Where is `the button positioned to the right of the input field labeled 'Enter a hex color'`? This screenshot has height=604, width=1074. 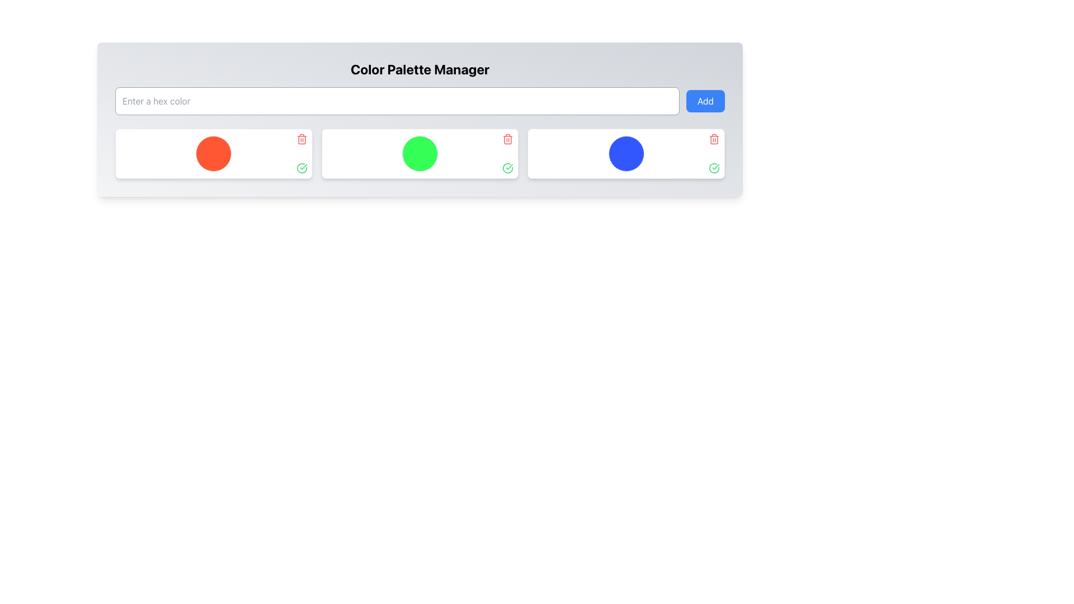
the button positioned to the right of the input field labeled 'Enter a hex color' is located at coordinates (705, 101).